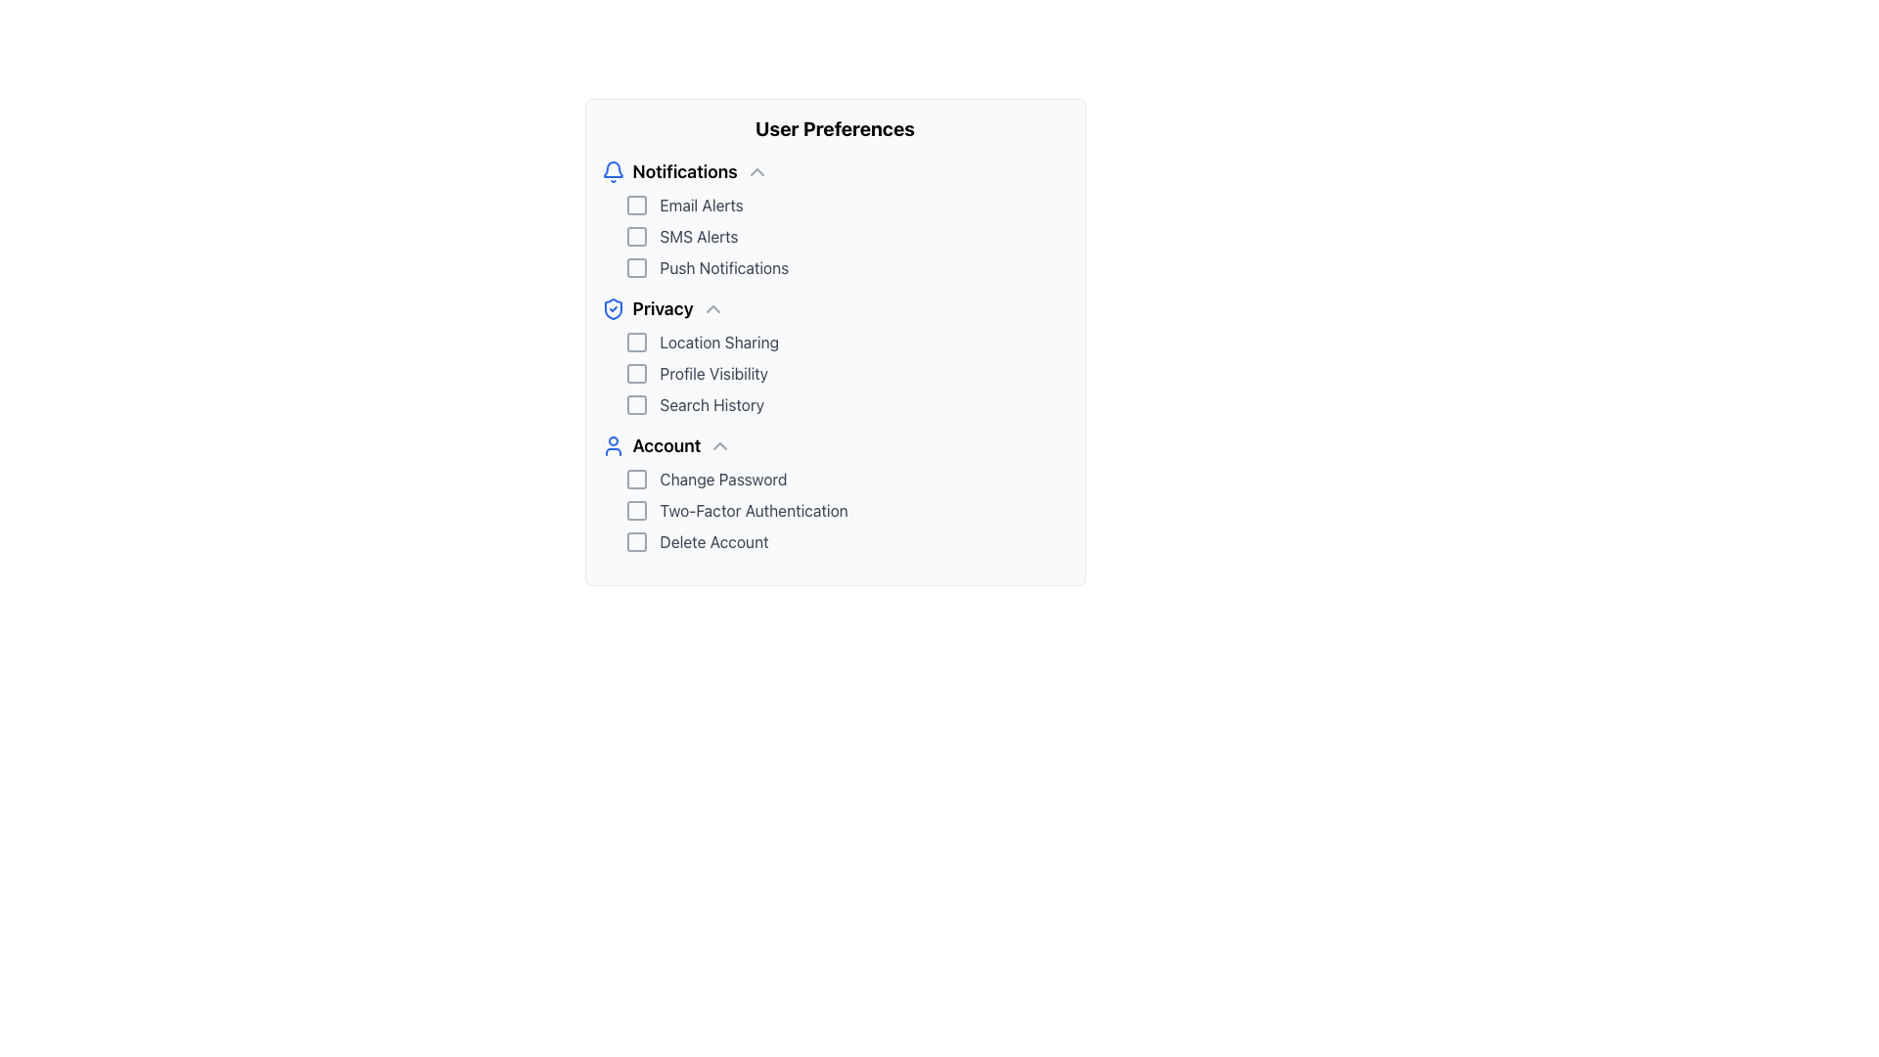 The height and width of the screenshot is (1057, 1879). What do you see at coordinates (636, 267) in the screenshot?
I see `the empty checkbox located in the 'Notifications' section of the 'User Preferences' menu, positioned to the left of the 'Push Notifications' label` at bounding box center [636, 267].